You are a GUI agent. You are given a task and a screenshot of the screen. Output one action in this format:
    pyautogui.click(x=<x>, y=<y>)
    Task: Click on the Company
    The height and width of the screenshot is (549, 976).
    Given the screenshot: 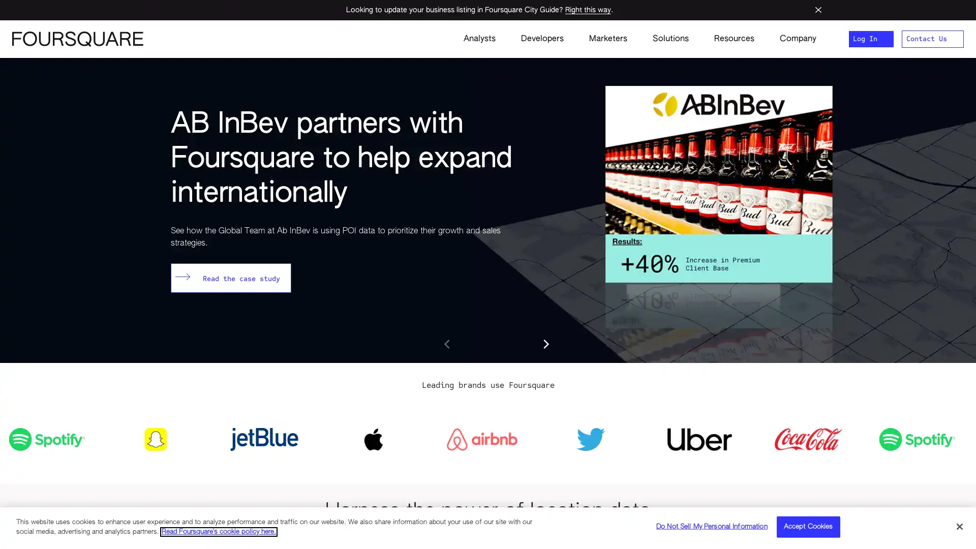 What is the action you would take?
    pyautogui.click(x=791, y=39)
    